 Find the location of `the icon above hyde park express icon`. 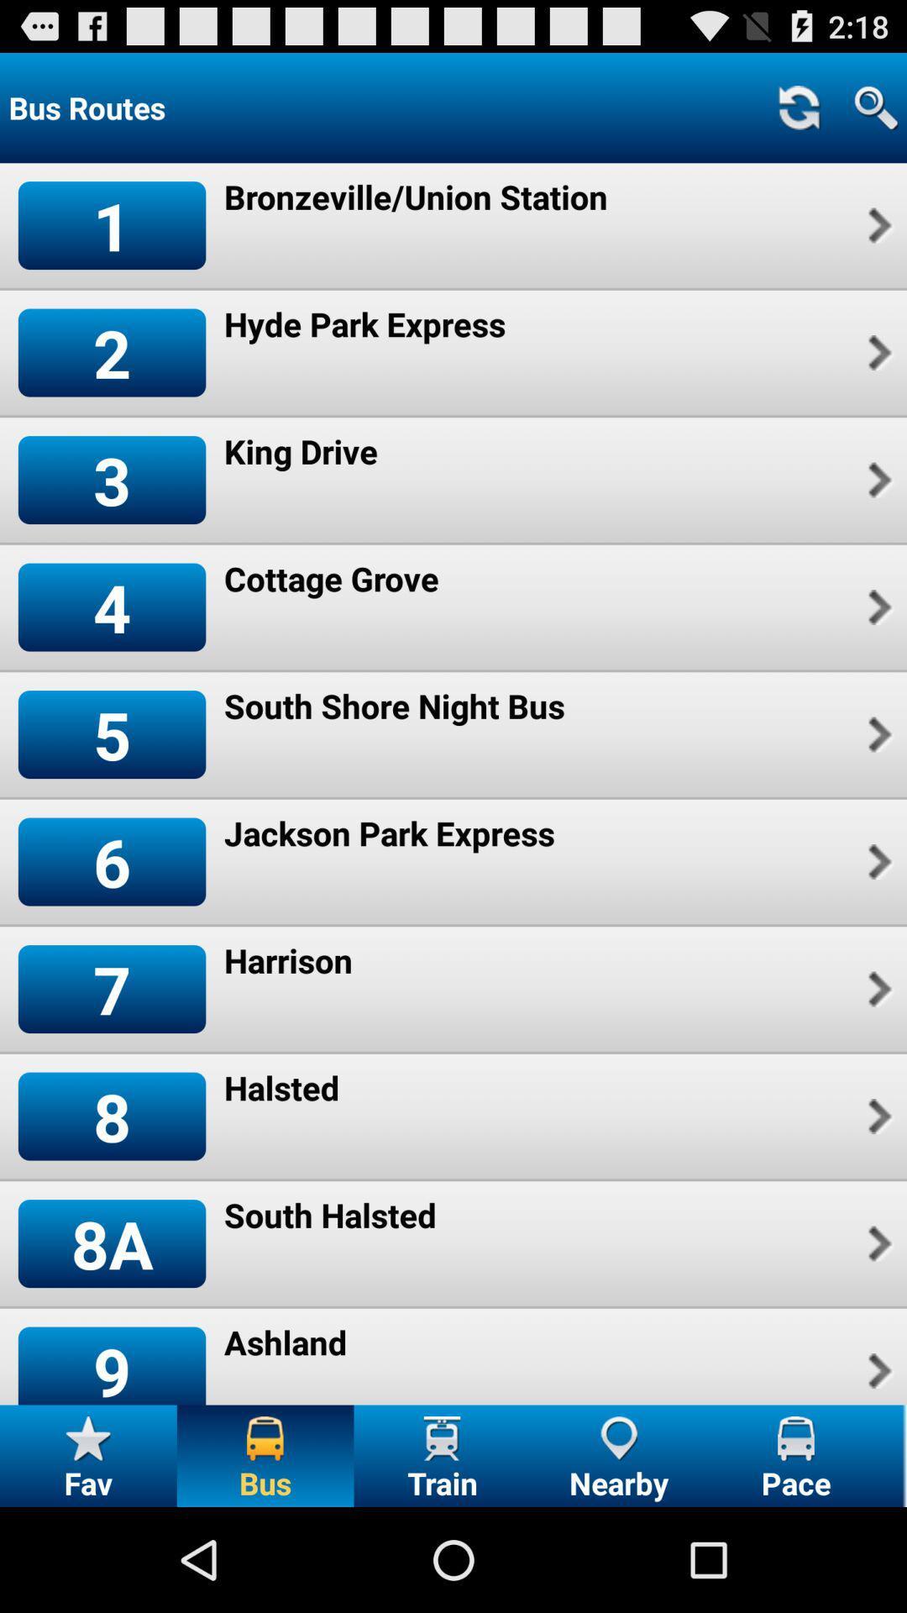

the icon above hyde park express icon is located at coordinates (416, 197).